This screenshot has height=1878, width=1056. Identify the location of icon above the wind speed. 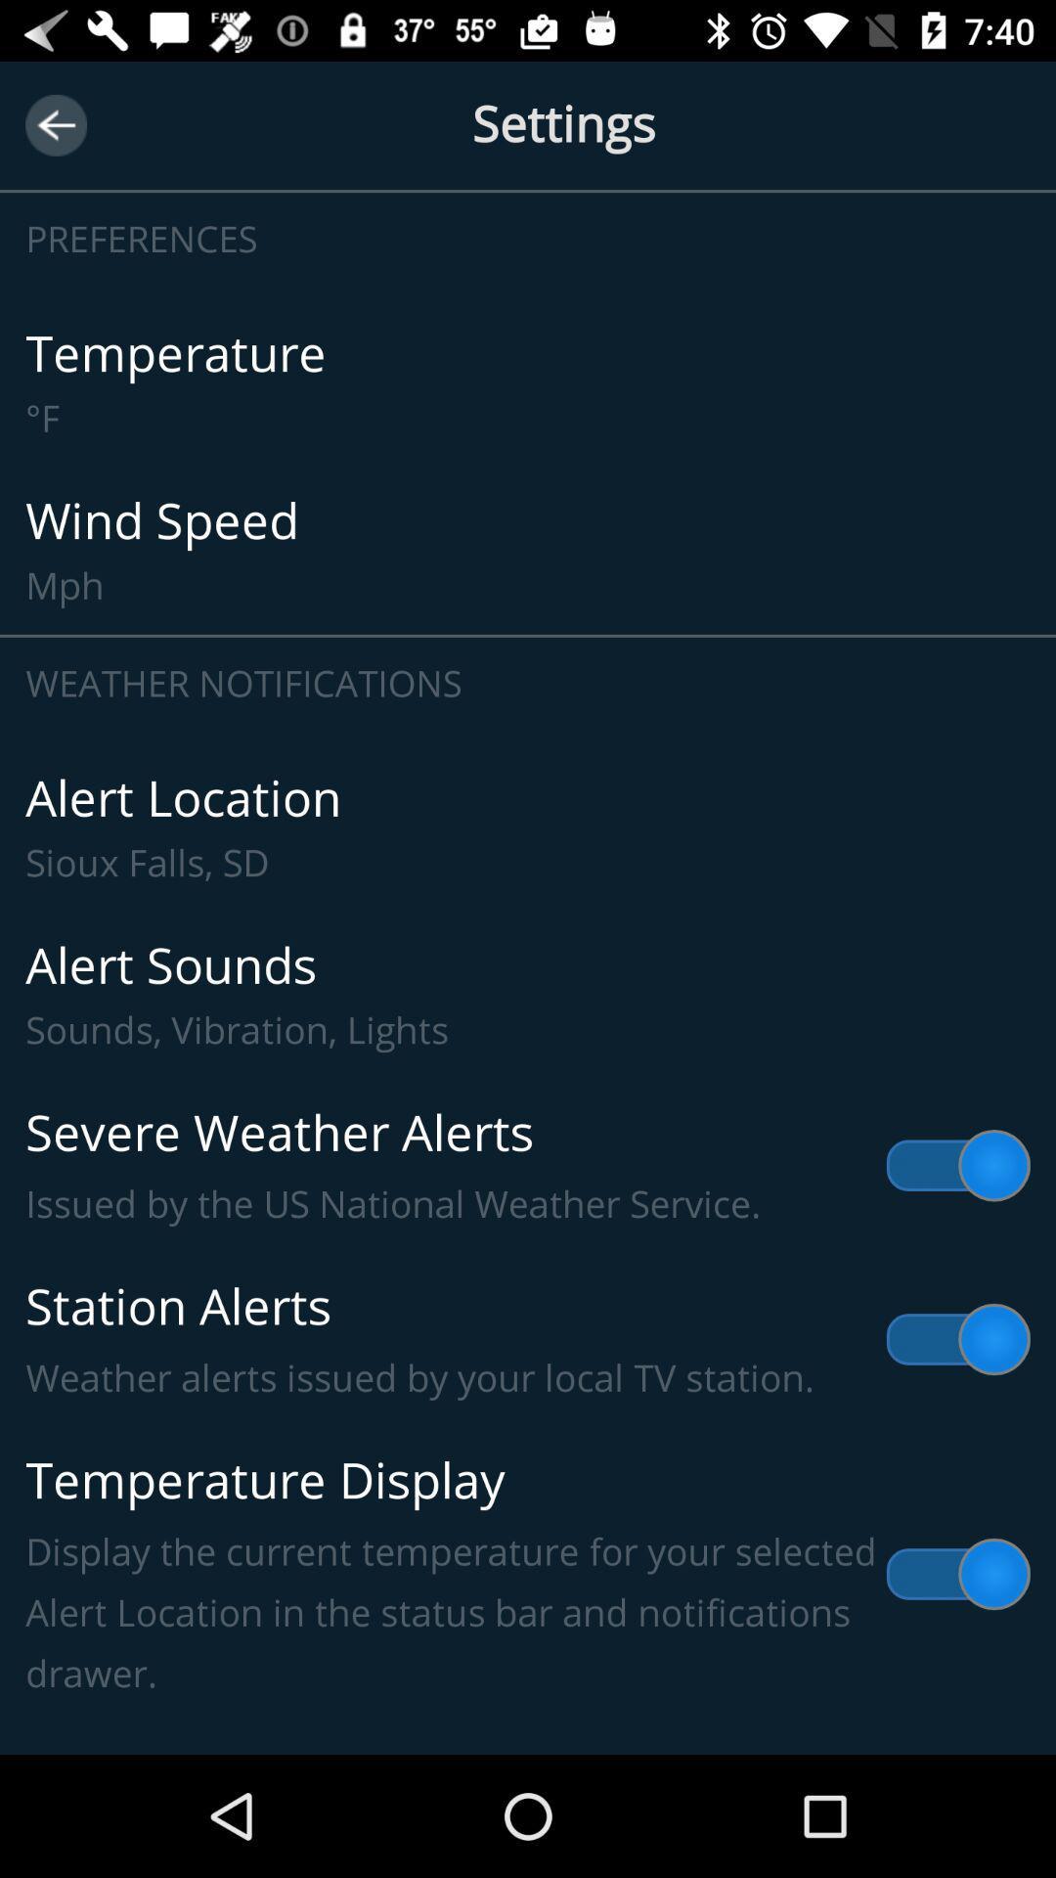
(528, 383).